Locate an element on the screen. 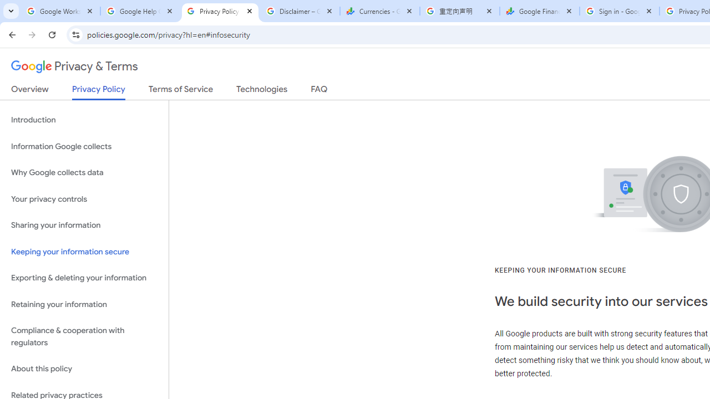 The image size is (710, 399). 'Technologies' is located at coordinates (261, 91).